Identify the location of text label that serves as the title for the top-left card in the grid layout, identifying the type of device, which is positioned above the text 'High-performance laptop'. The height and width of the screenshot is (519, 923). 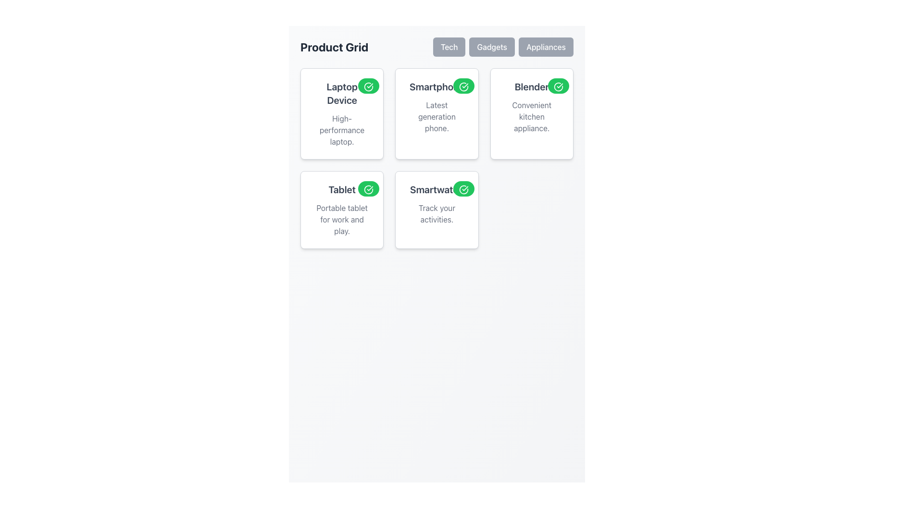
(342, 94).